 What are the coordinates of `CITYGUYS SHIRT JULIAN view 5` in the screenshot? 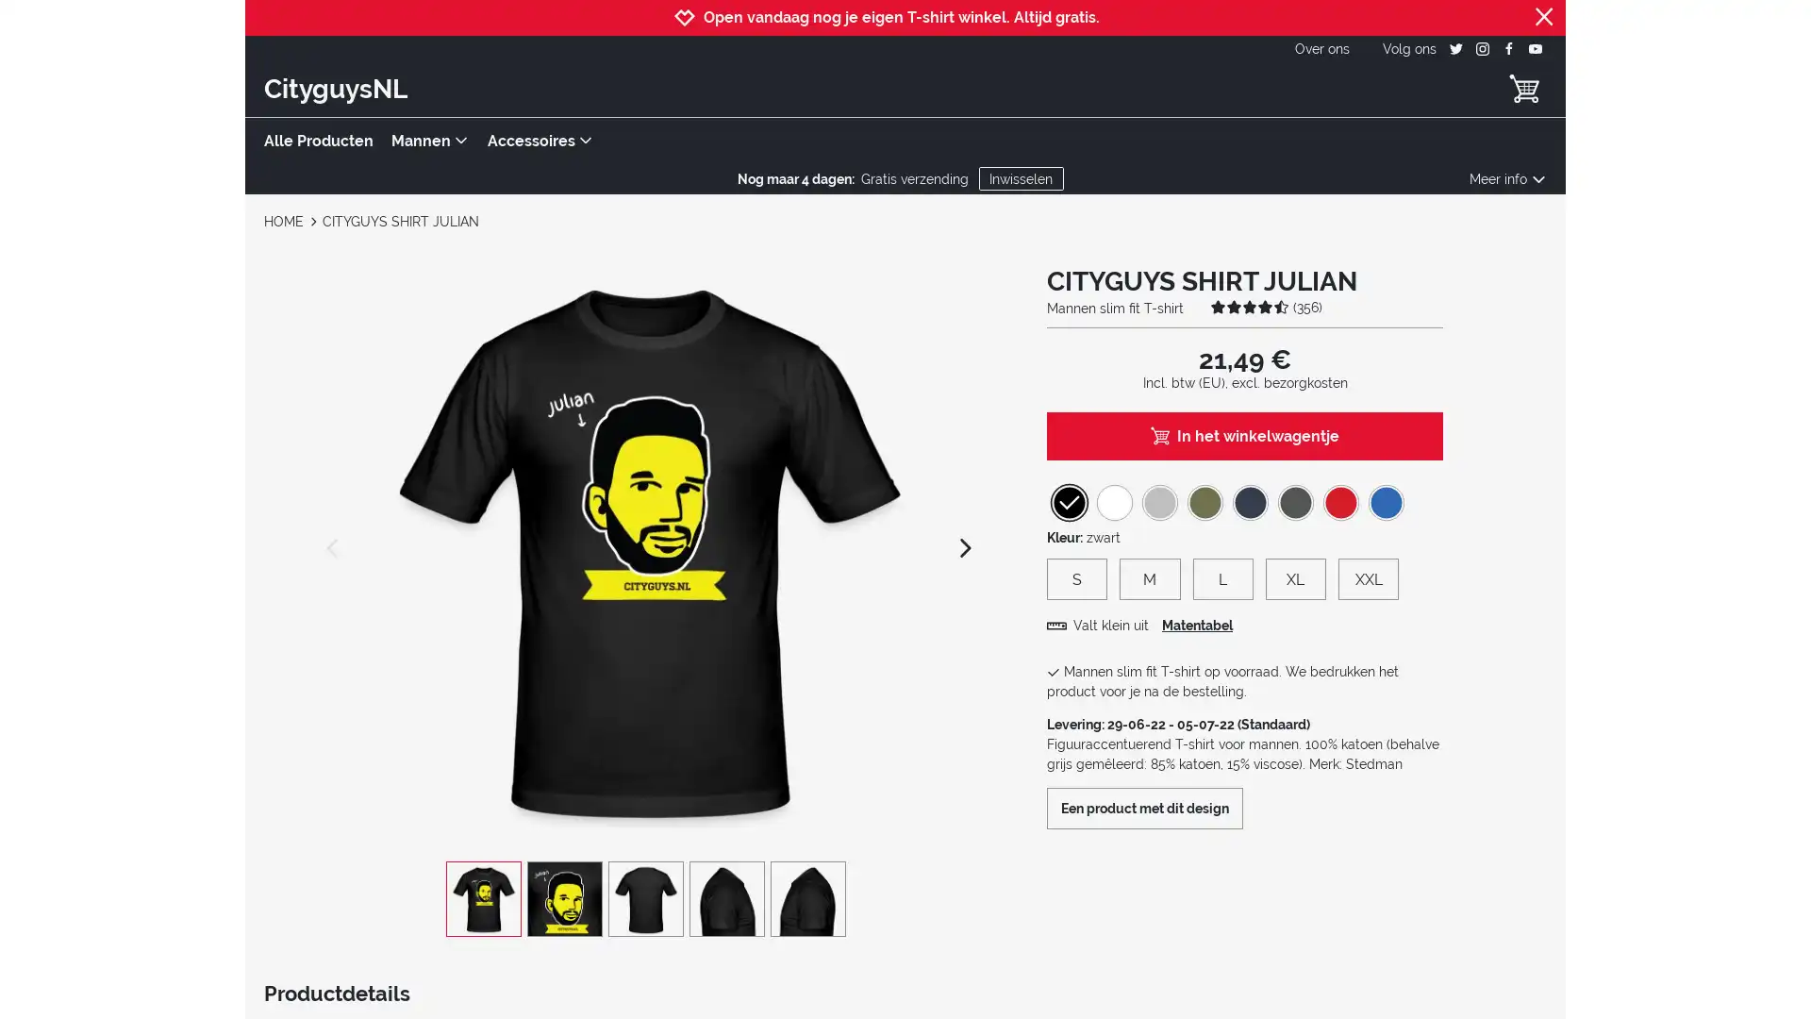 It's located at (808, 897).